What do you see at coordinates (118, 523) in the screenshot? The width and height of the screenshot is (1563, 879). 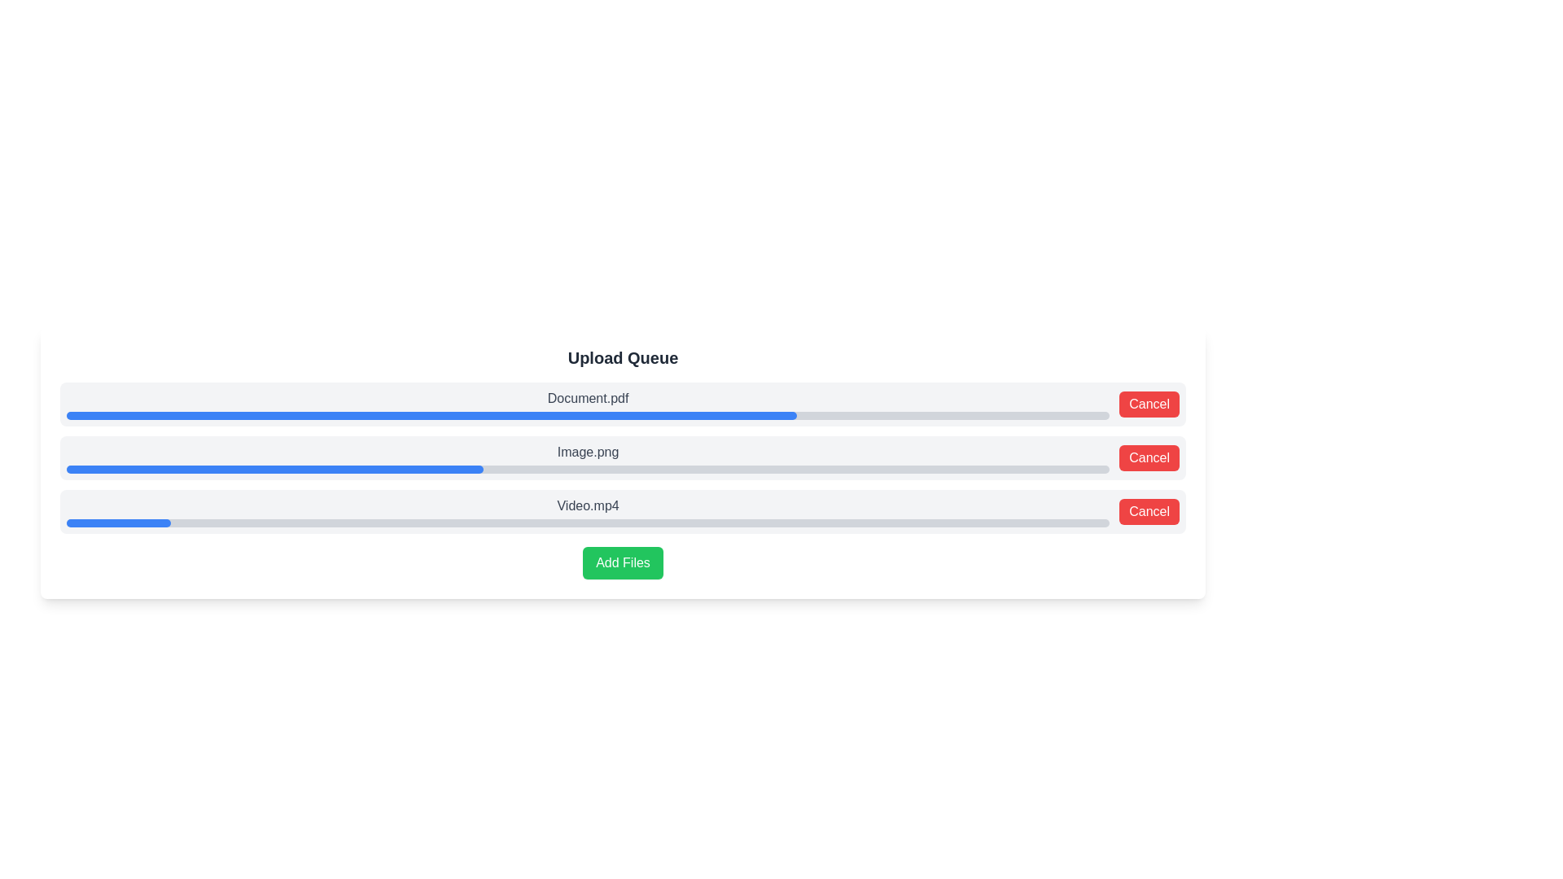 I see `the visual progress of the first blue segment of the progress bar located below 'Document.pdf' and 'Image.png', associated with 'Video.mp4'` at bounding box center [118, 523].